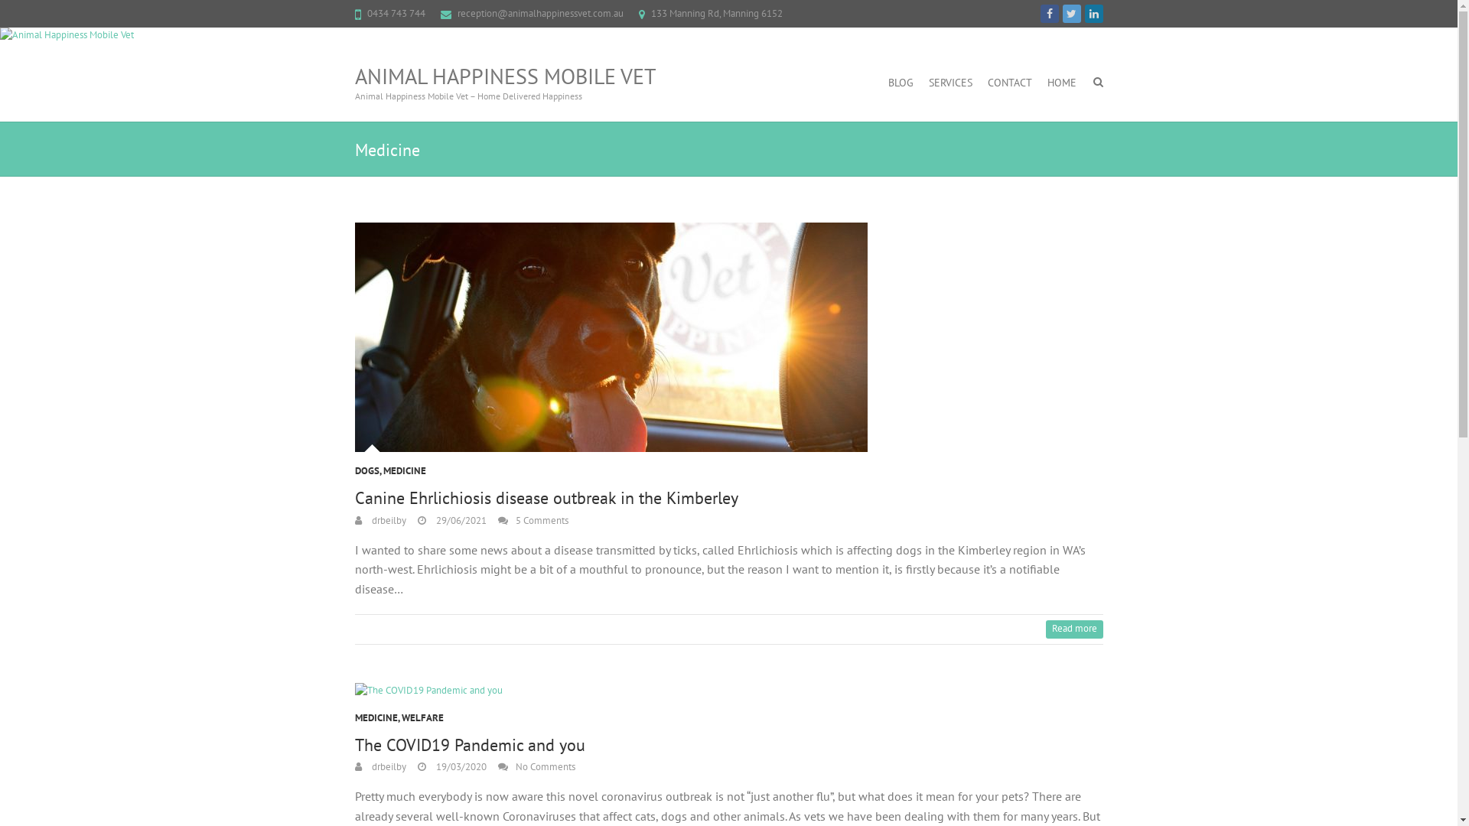 The height and width of the screenshot is (826, 1469). What do you see at coordinates (536, 766) in the screenshot?
I see `'No Comments'` at bounding box center [536, 766].